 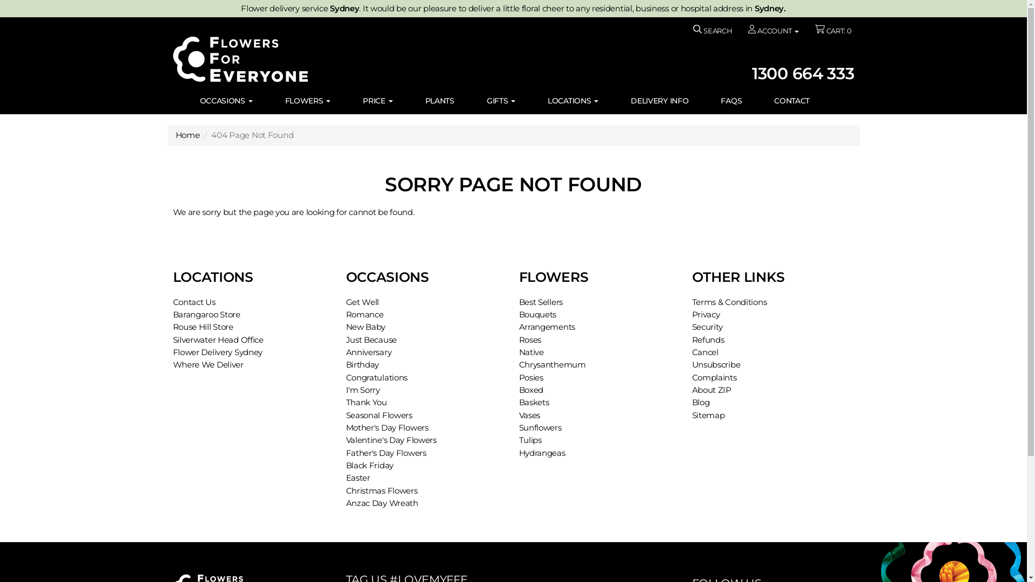 What do you see at coordinates (346, 477) in the screenshot?
I see `'Easter'` at bounding box center [346, 477].